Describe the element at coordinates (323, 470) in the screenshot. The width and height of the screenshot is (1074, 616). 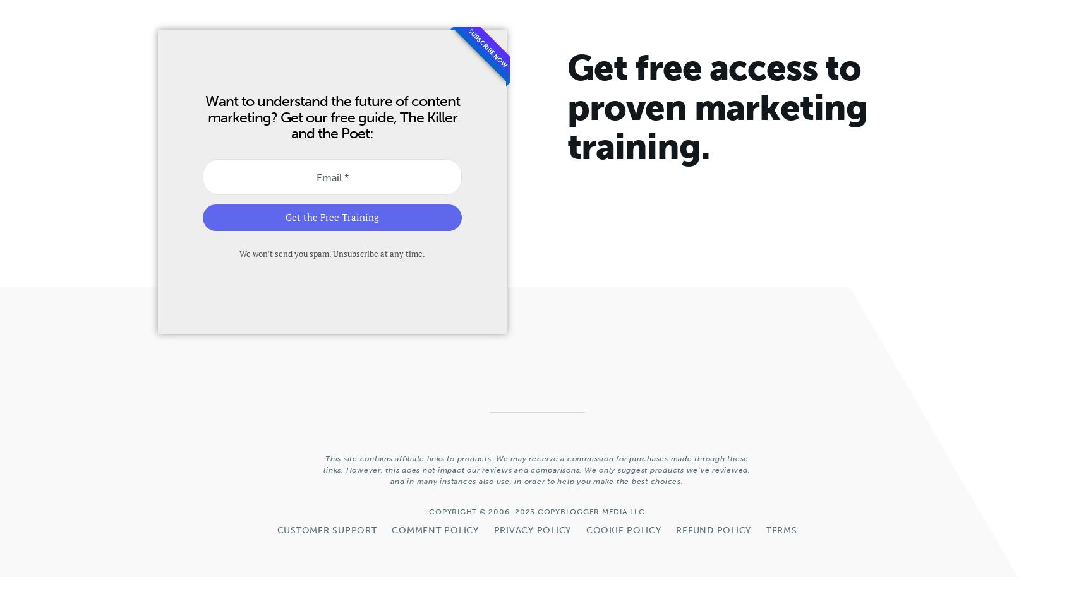
I see `'This site contains affiliate links to products. We may receive a commission for purchases made through these links. However, this does not impact our reviews and comparisons. We only suggest products we’ve reviewed, and in many instances also use, in order to help you make the best choices.'` at that location.